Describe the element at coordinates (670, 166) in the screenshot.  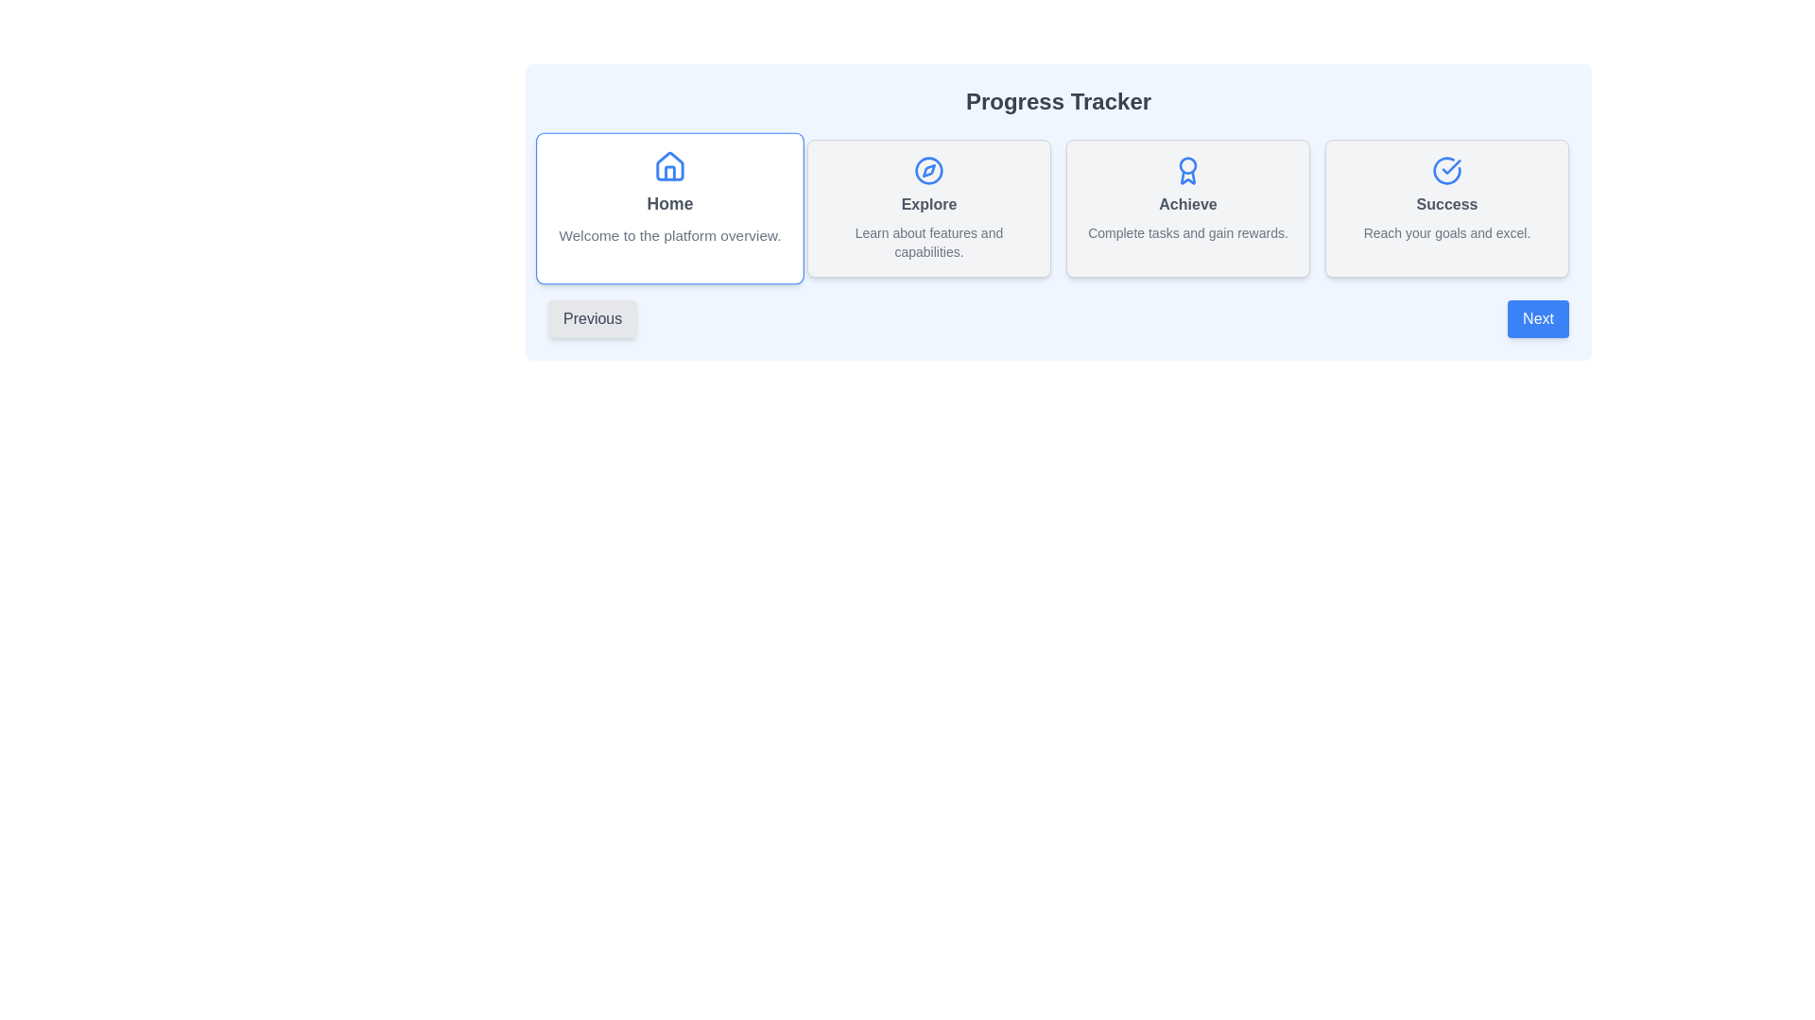
I see `the blue-colored house icon located at the top center of the card with 'Home' text below it` at that location.